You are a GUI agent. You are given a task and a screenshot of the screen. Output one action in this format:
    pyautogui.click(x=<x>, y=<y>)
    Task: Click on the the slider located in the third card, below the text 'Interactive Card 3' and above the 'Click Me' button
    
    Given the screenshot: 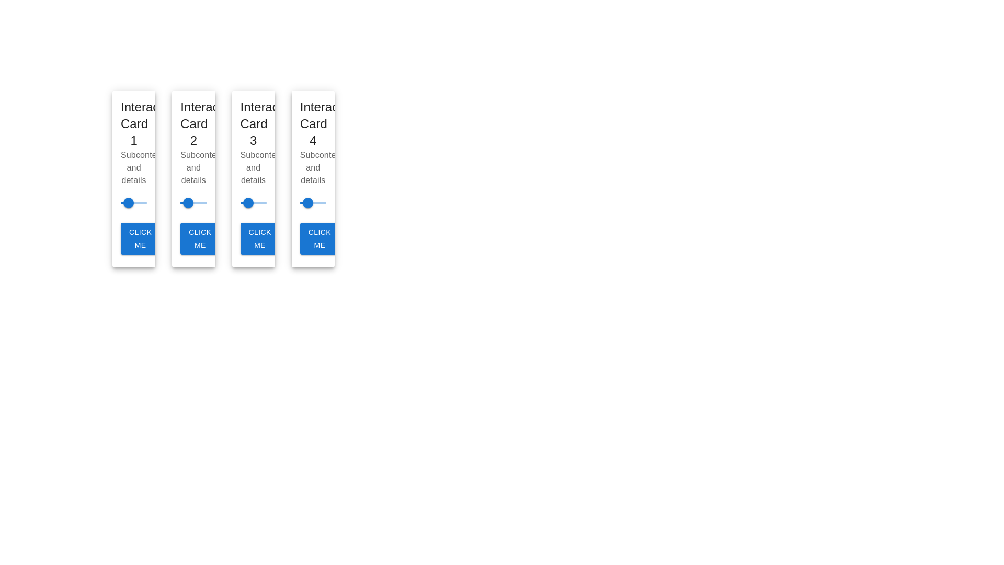 What is the action you would take?
    pyautogui.click(x=253, y=178)
    